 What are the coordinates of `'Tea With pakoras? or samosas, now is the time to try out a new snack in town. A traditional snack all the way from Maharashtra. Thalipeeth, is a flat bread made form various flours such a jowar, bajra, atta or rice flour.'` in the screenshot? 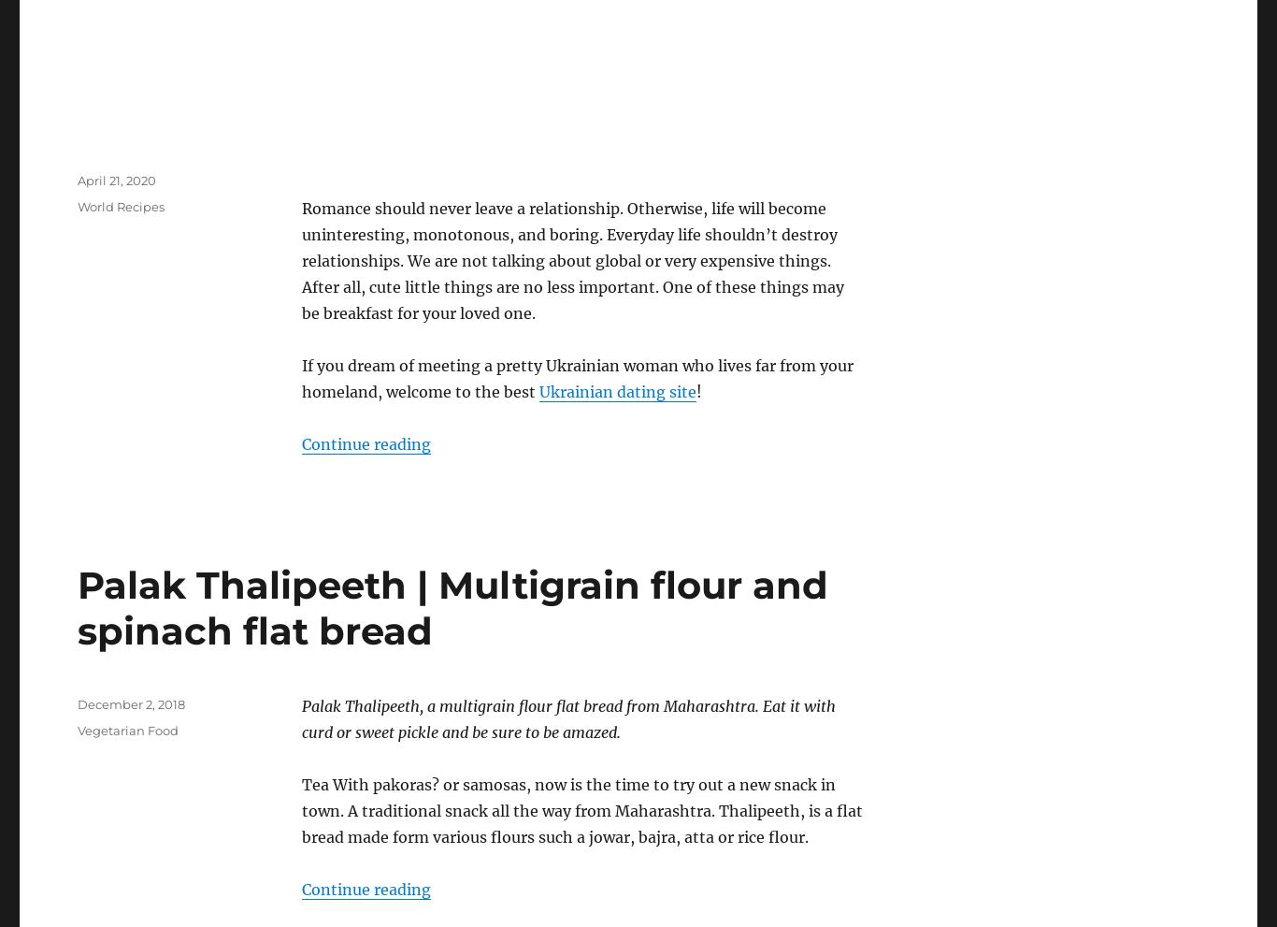 It's located at (581, 810).